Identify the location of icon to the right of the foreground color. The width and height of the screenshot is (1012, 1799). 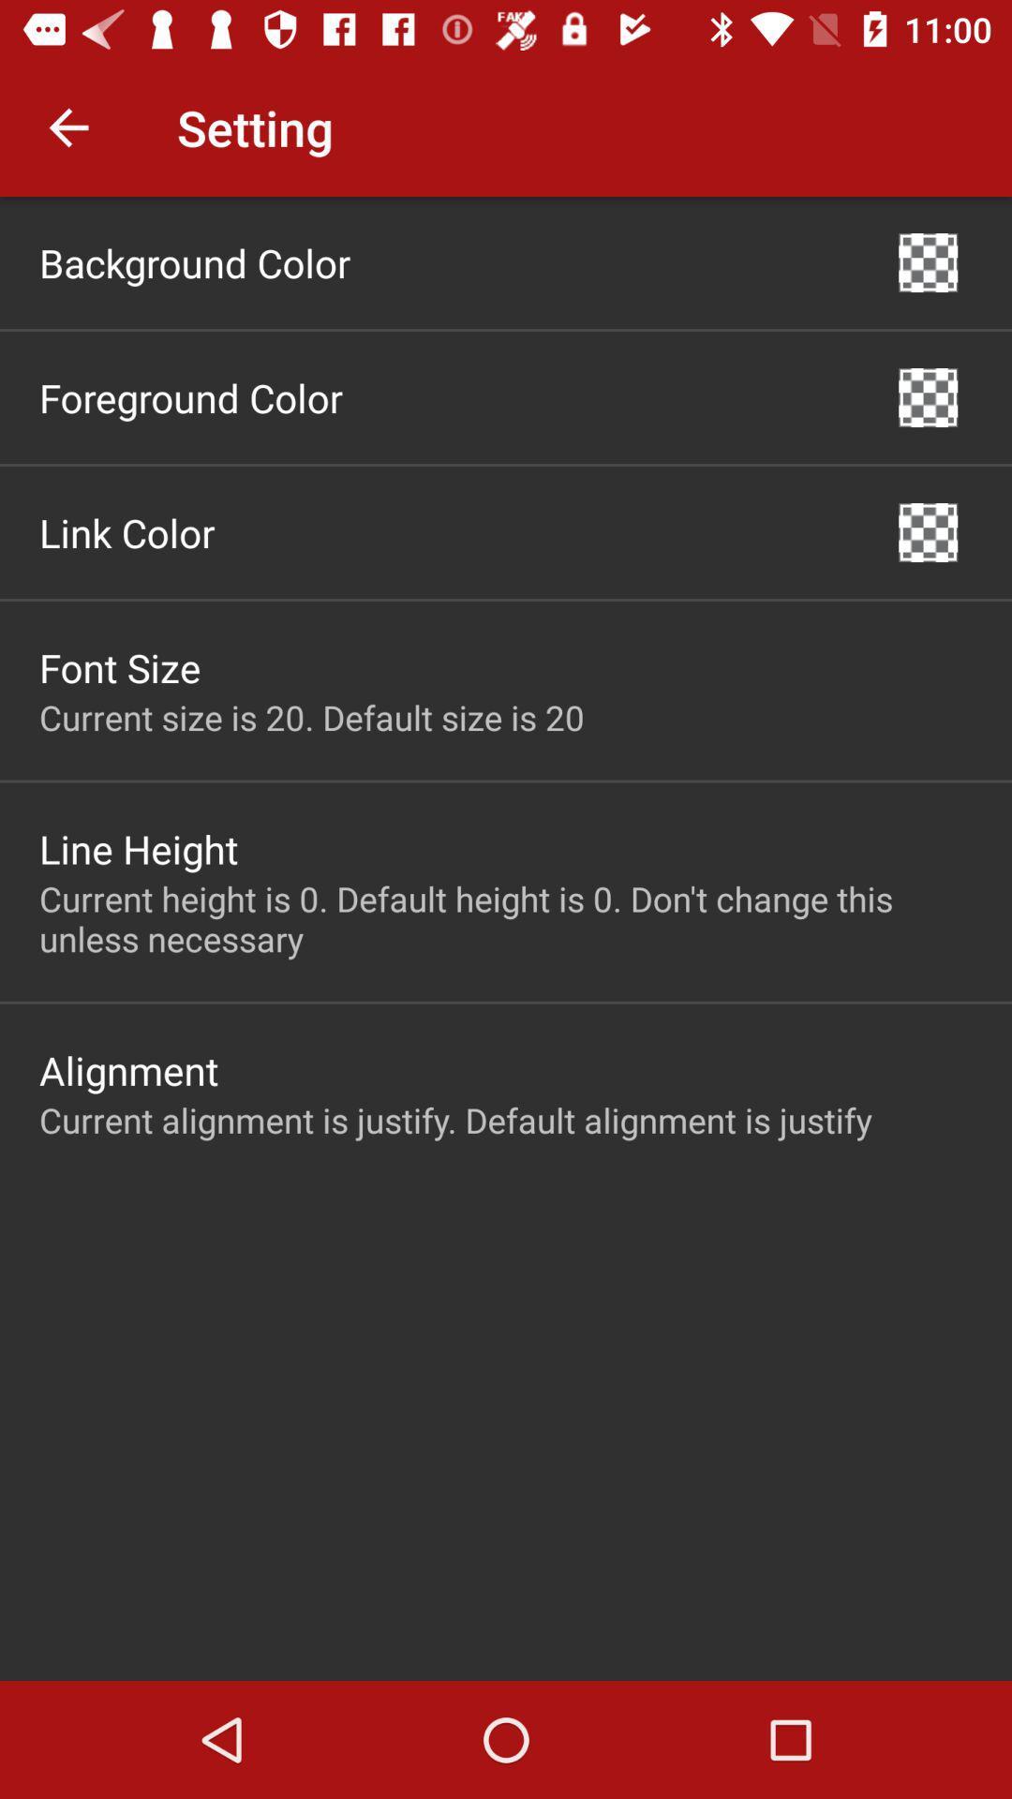
(928, 396).